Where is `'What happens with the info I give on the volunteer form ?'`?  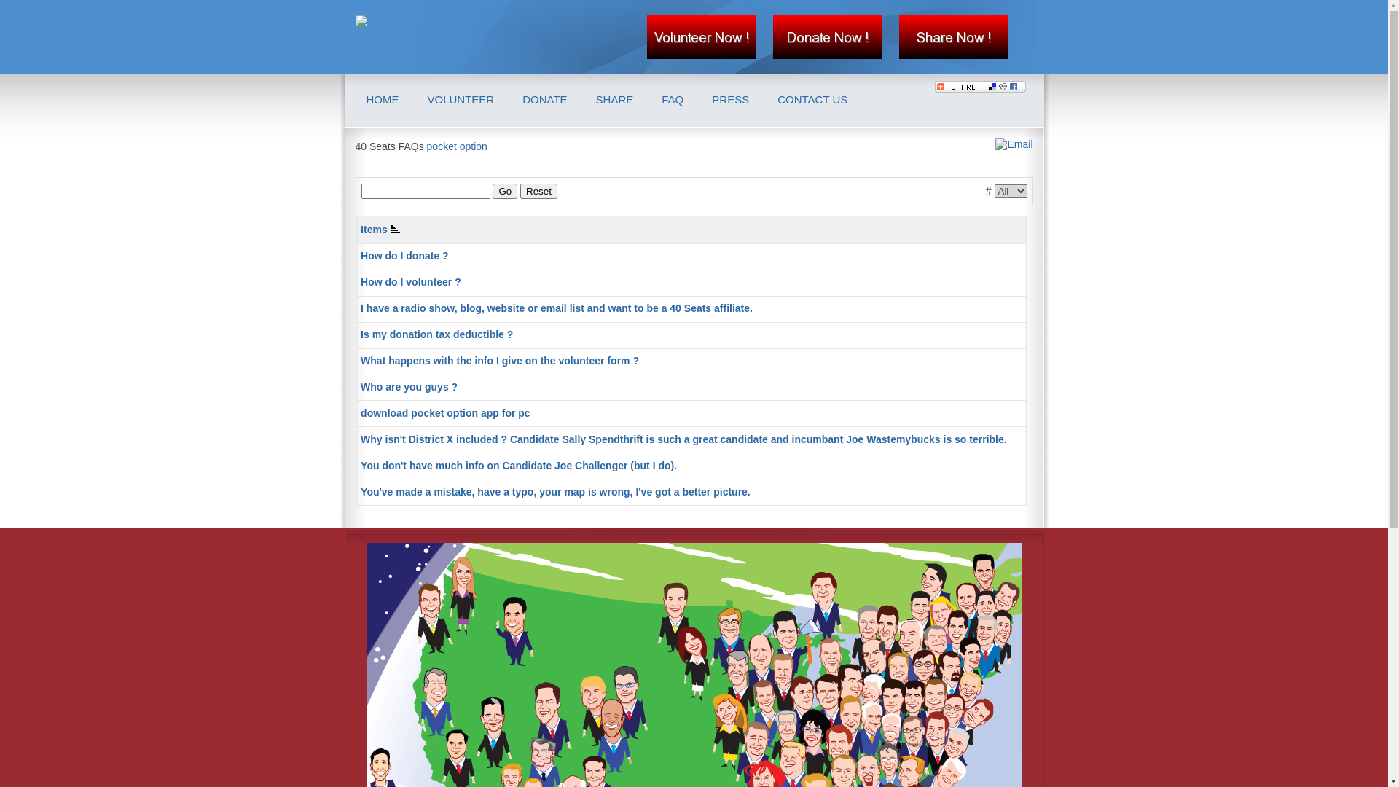
'What happens with the info I give on the volunteer form ?' is located at coordinates (500, 360).